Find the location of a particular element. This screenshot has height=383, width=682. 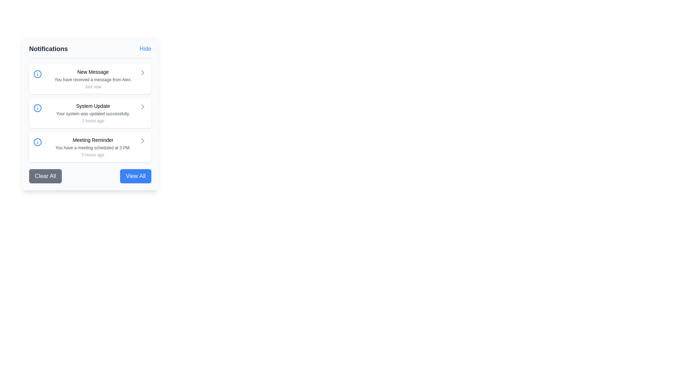

the 'System Update' notification item that displays the message 'Your system was updated successfully.' is located at coordinates (93, 113).